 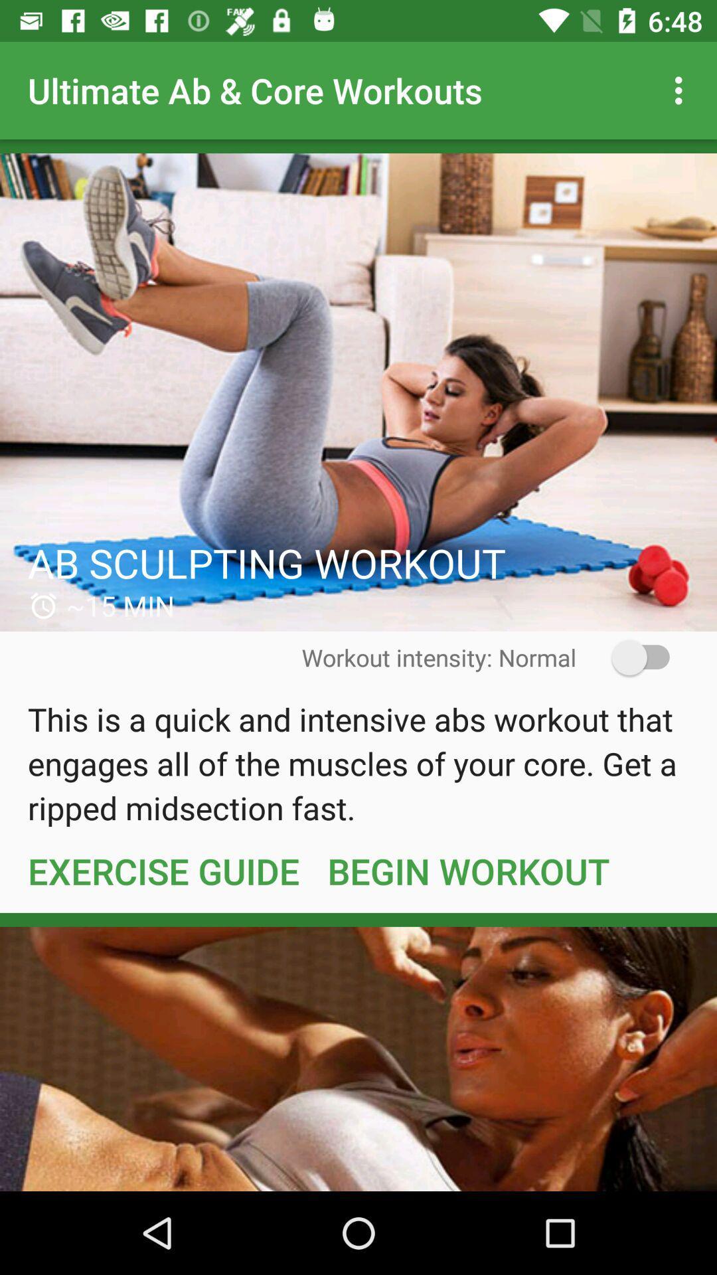 What do you see at coordinates (163, 871) in the screenshot?
I see `icon to the left of the begin workout icon` at bounding box center [163, 871].